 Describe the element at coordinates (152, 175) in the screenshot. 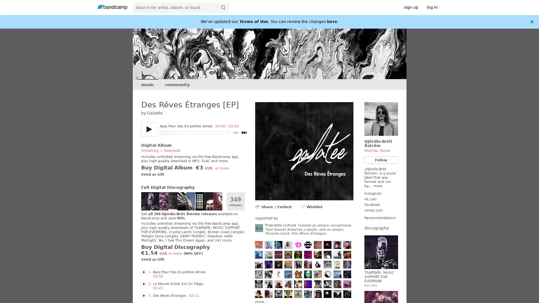

I see `Send as Gift` at that location.